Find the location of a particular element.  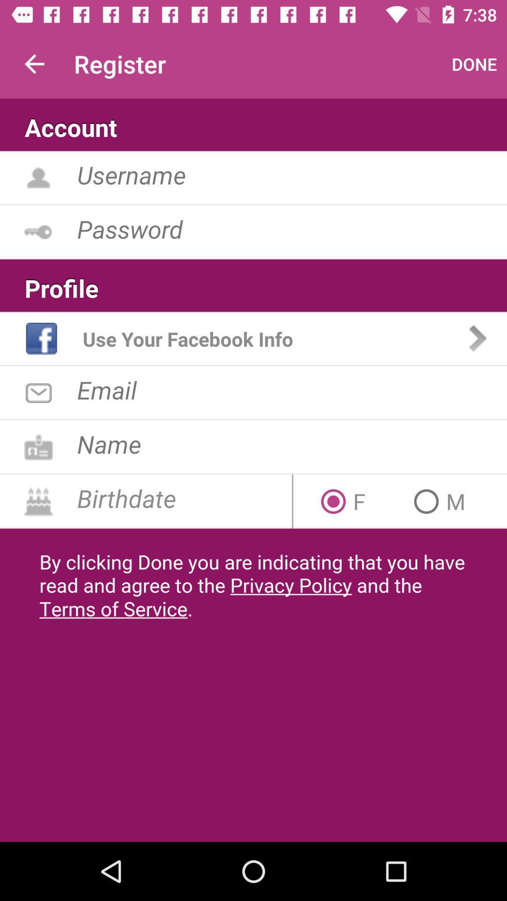

username is located at coordinates (292, 175).